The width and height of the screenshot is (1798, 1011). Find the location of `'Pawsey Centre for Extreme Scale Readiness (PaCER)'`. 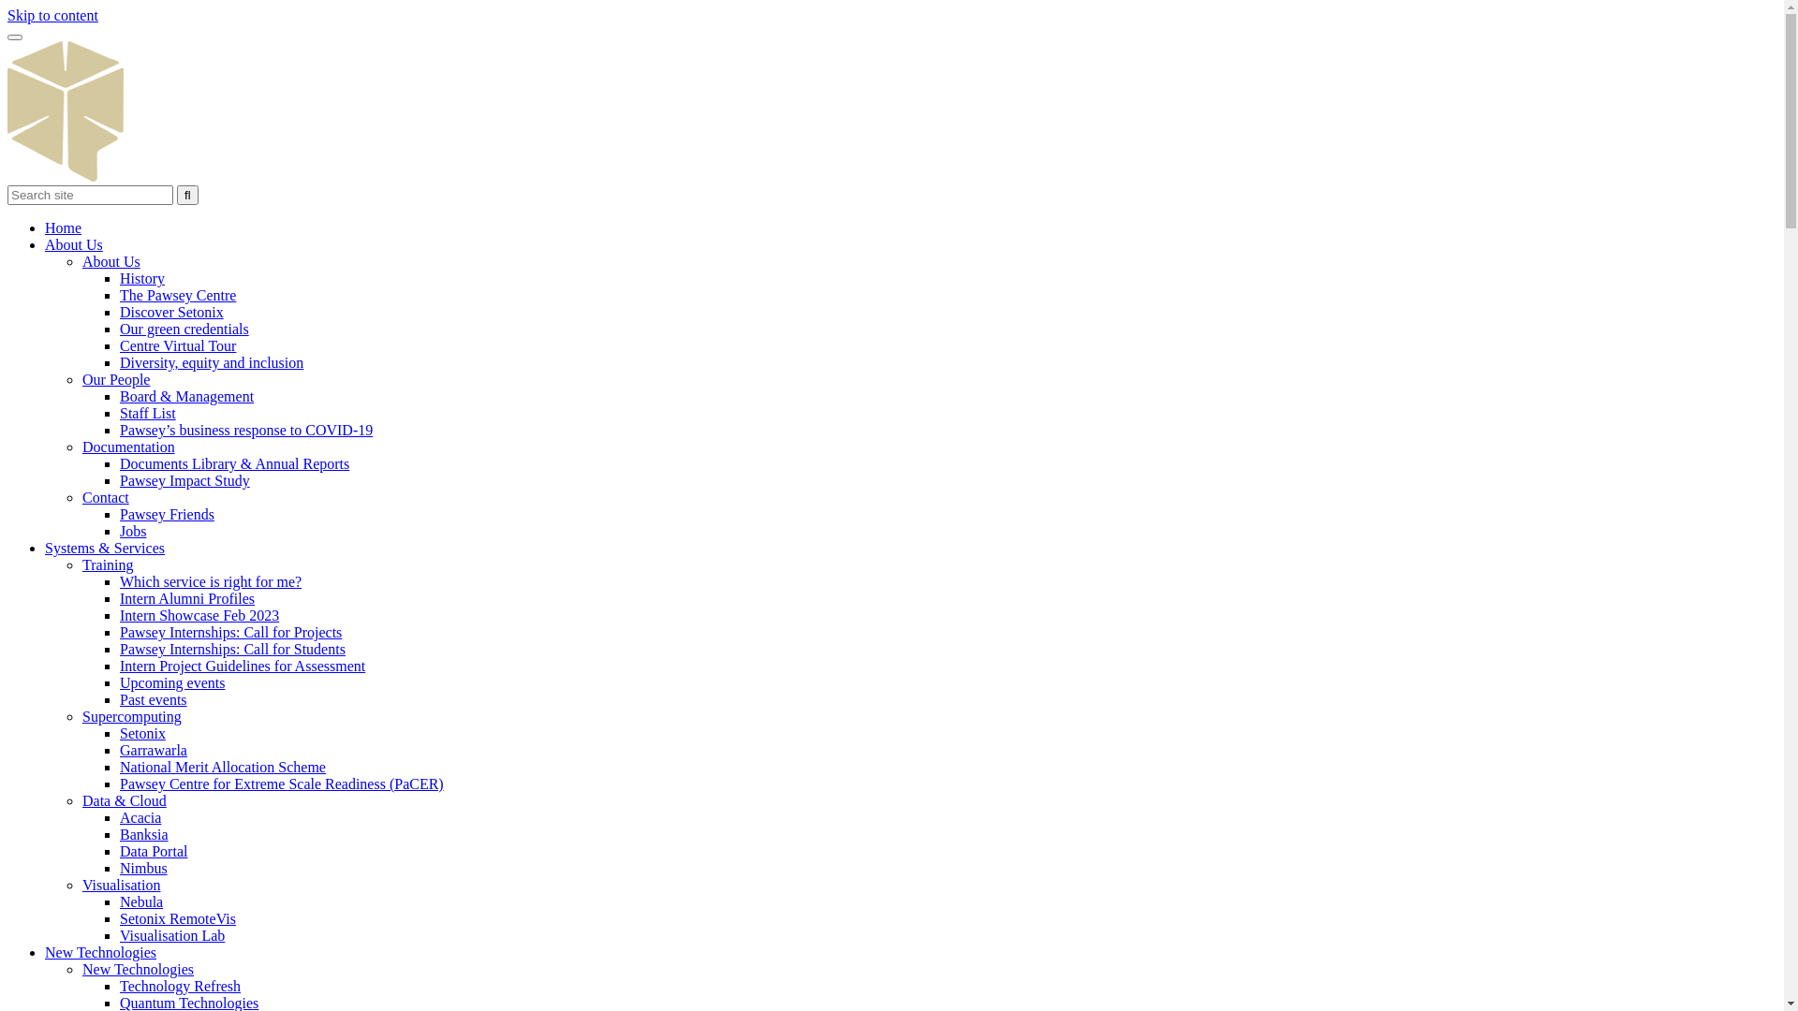

'Pawsey Centre for Extreme Scale Readiness (PaCER)' is located at coordinates (281, 784).